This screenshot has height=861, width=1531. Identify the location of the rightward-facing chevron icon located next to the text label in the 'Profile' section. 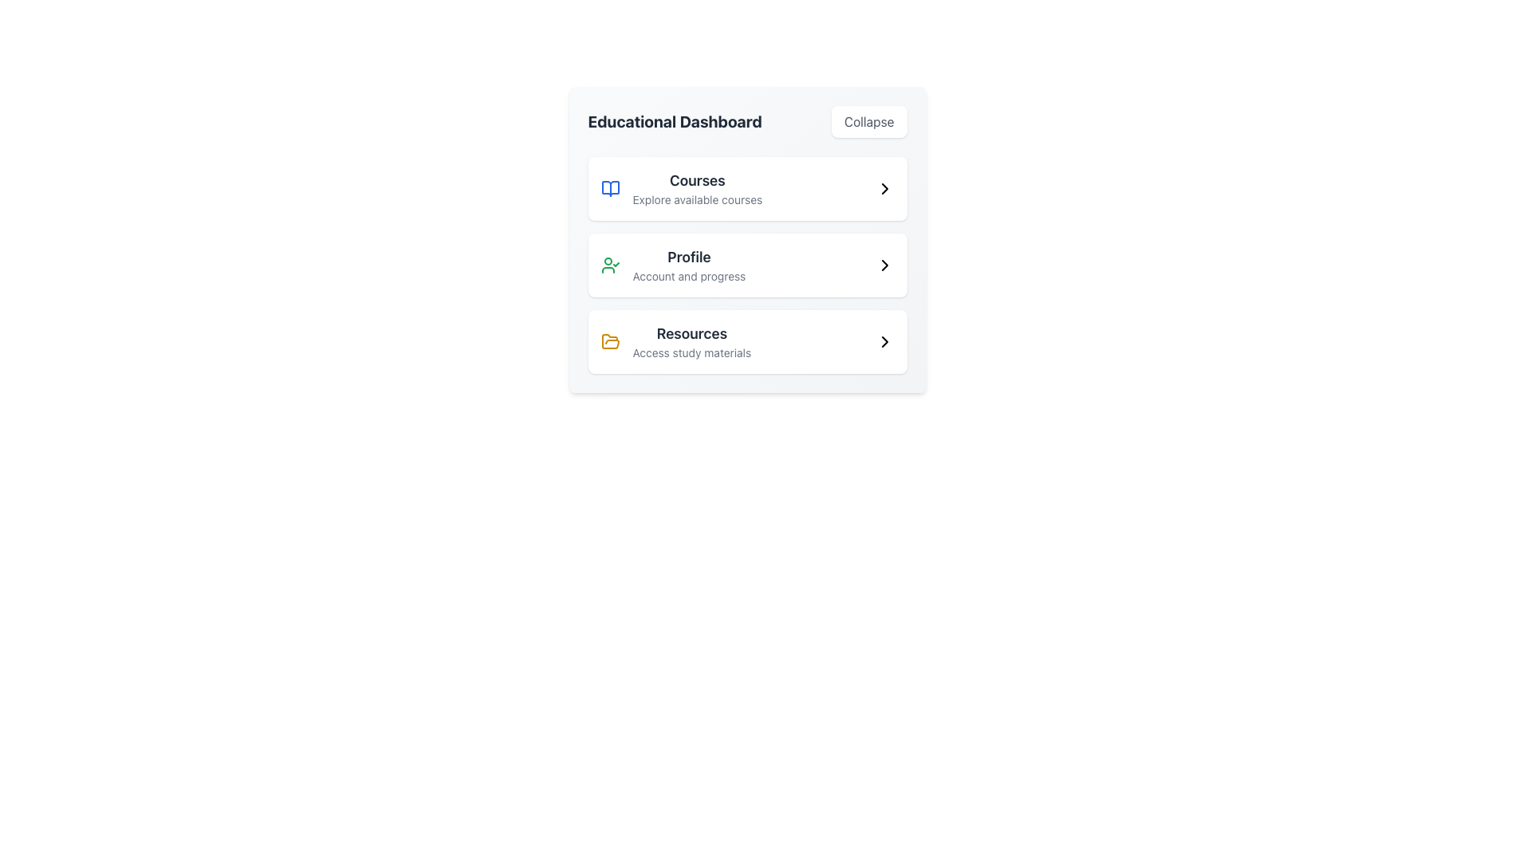
(884, 264).